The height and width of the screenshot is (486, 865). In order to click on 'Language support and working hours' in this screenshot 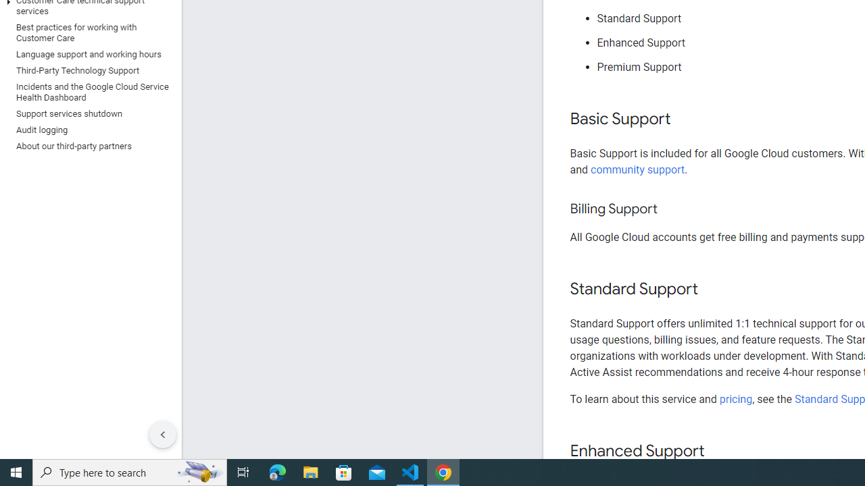, I will do `click(87, 54)`.